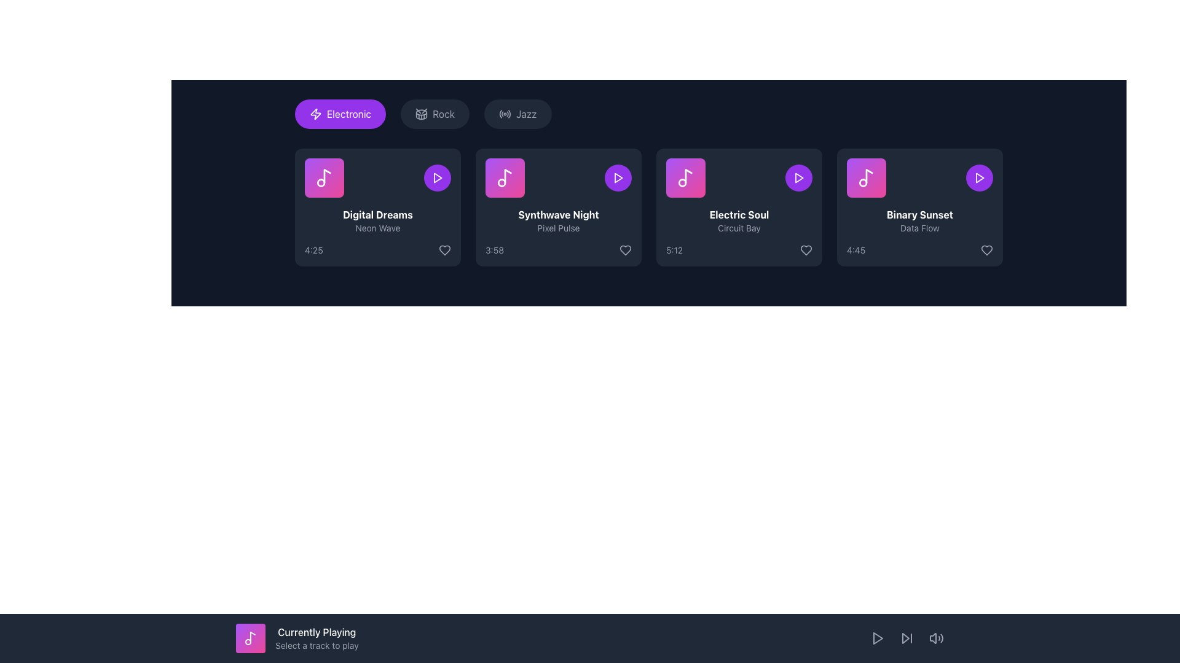 Image resolution: width=1180 pixels, height=663 pixels. What do you see at coordinates (877, 638) in the screenshot?
I see `the play button with a triangular play icon in the bottom-right region of the interface to observe the styling change from gray to white` at bounding box center [877, 638].